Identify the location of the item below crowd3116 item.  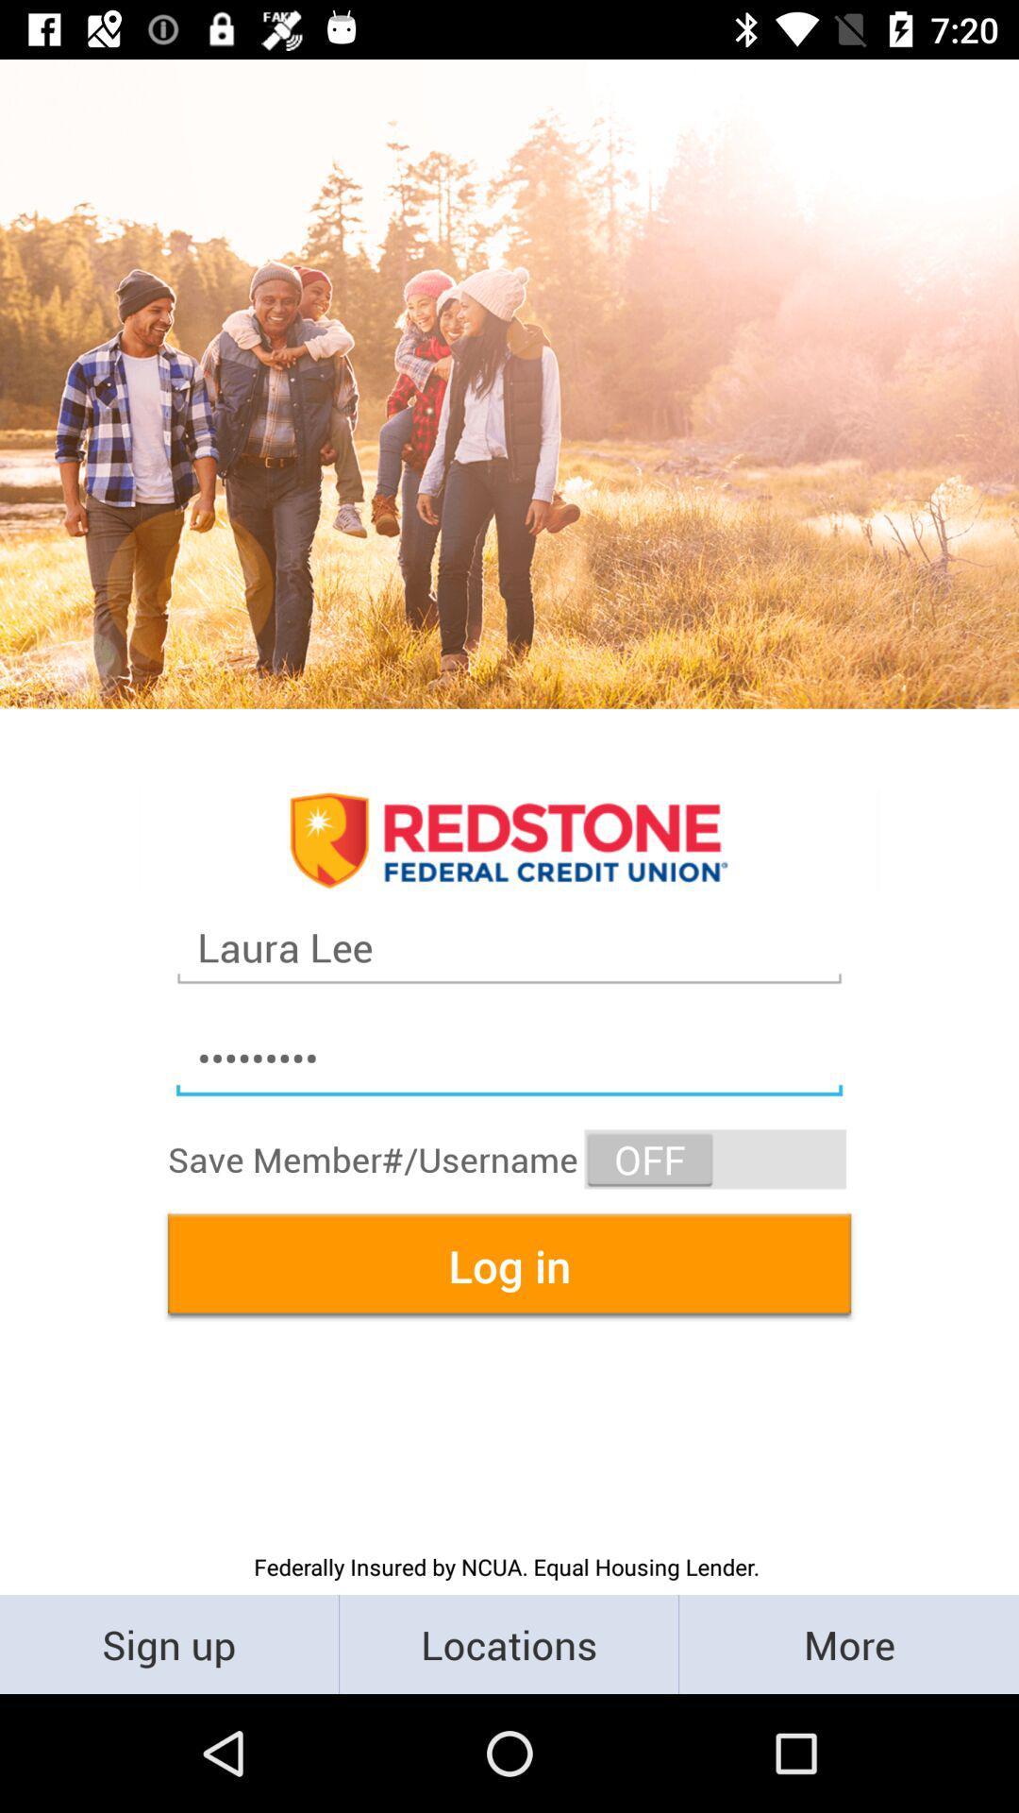
(715, 1158).